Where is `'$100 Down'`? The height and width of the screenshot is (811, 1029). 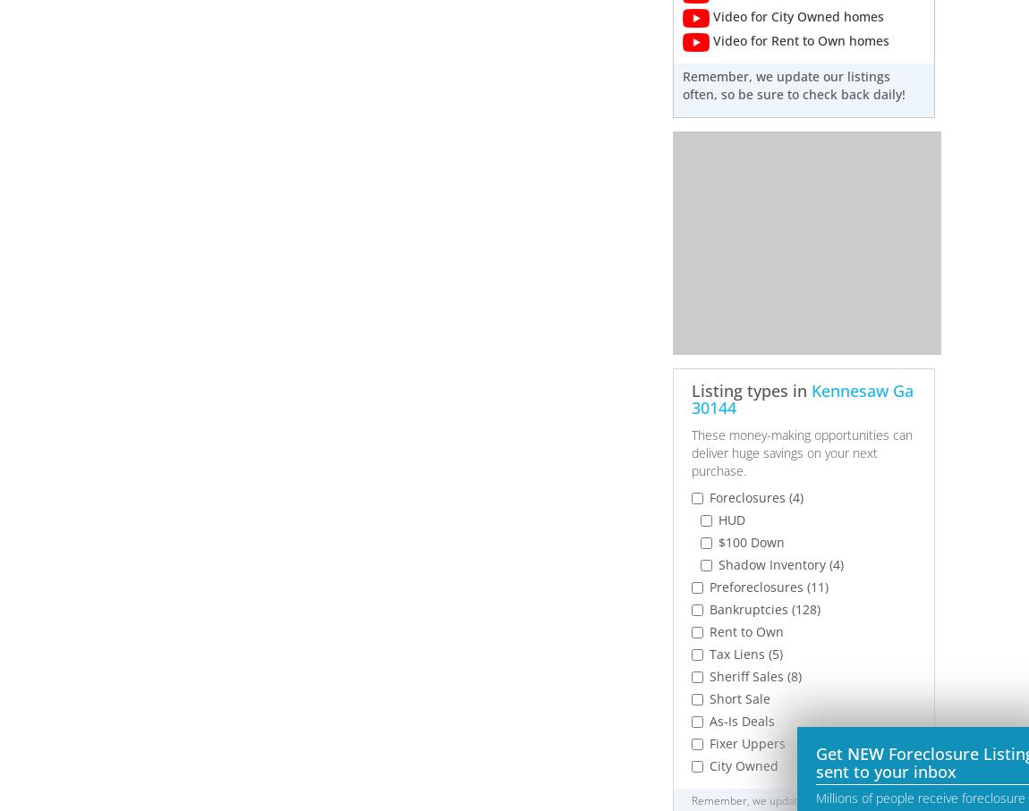 '$100 Down' is located at coordinates (750, 541).